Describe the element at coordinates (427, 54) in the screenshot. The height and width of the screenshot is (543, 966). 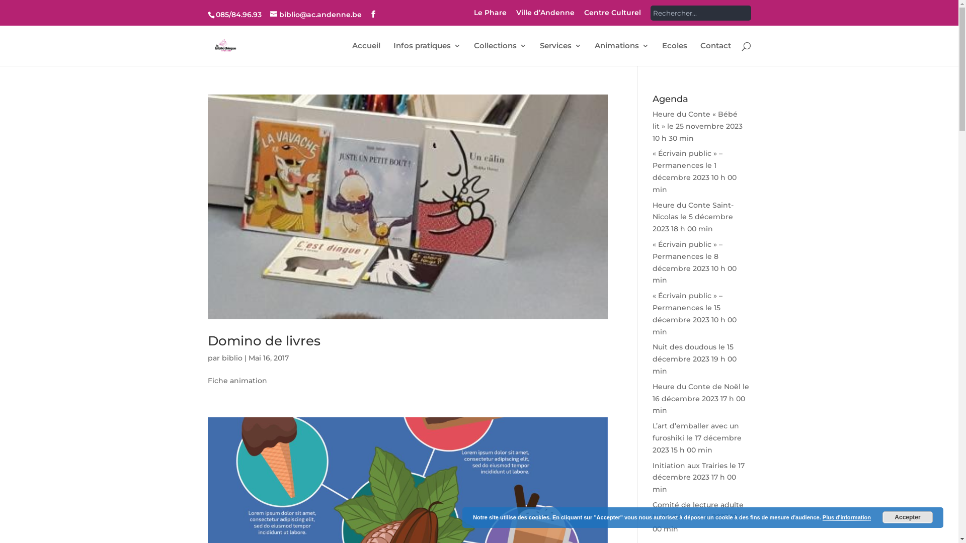
I see `'Infos pratiques'` at that location.